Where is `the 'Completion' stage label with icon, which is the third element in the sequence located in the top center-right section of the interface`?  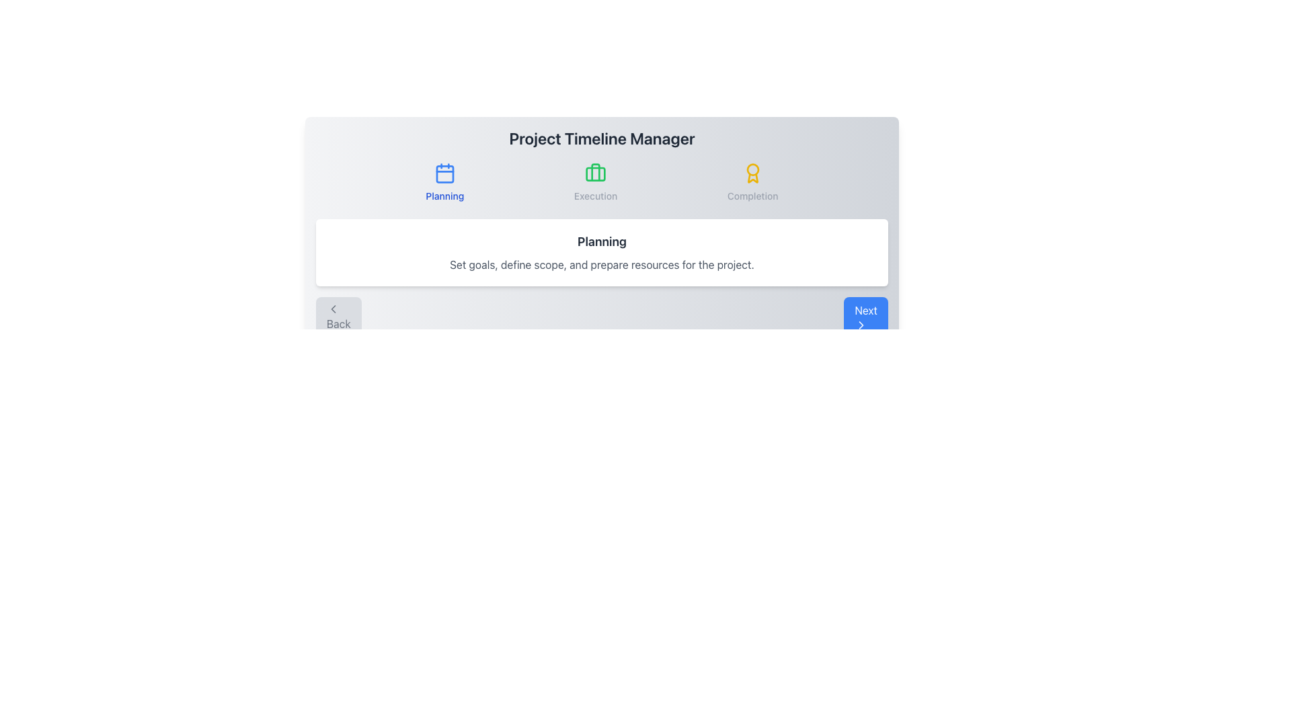
the 'Completion' stage label with icon, which is the third element in the sequence located in the top center-right section of the interface is located at coordinates (752, 183).